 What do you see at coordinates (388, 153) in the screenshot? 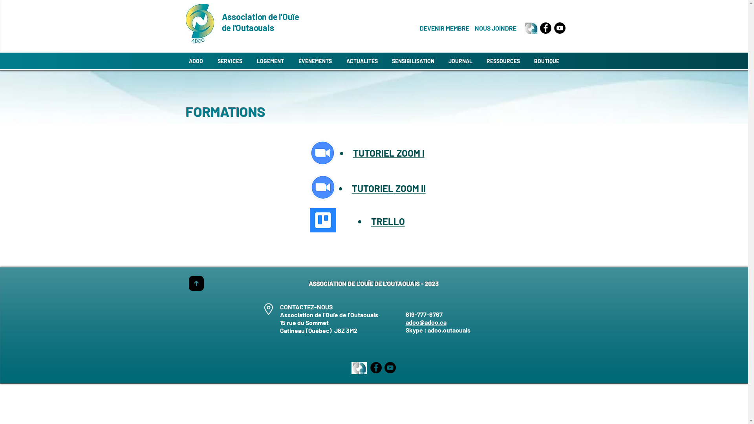
I see `'TUTORIEL ZOOM I'` at bounding box center [388, 153].